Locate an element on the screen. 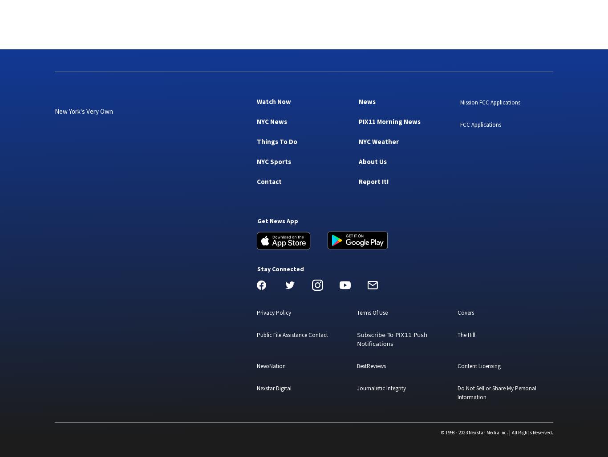 The image size is (608, 457). 'Do Not Sell or Share My Personal Information' is located at coordinates (496, 392).